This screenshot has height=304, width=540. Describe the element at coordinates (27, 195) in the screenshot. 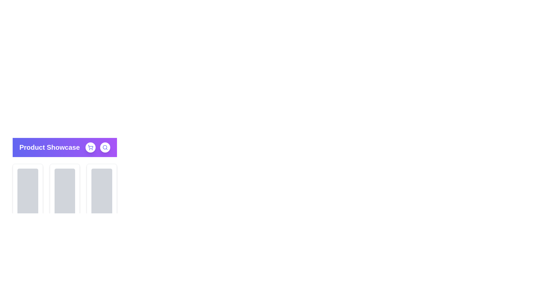

I see `the image placeholder located at the top of the product card, which is directly above the text 'Product 1'` at that location.